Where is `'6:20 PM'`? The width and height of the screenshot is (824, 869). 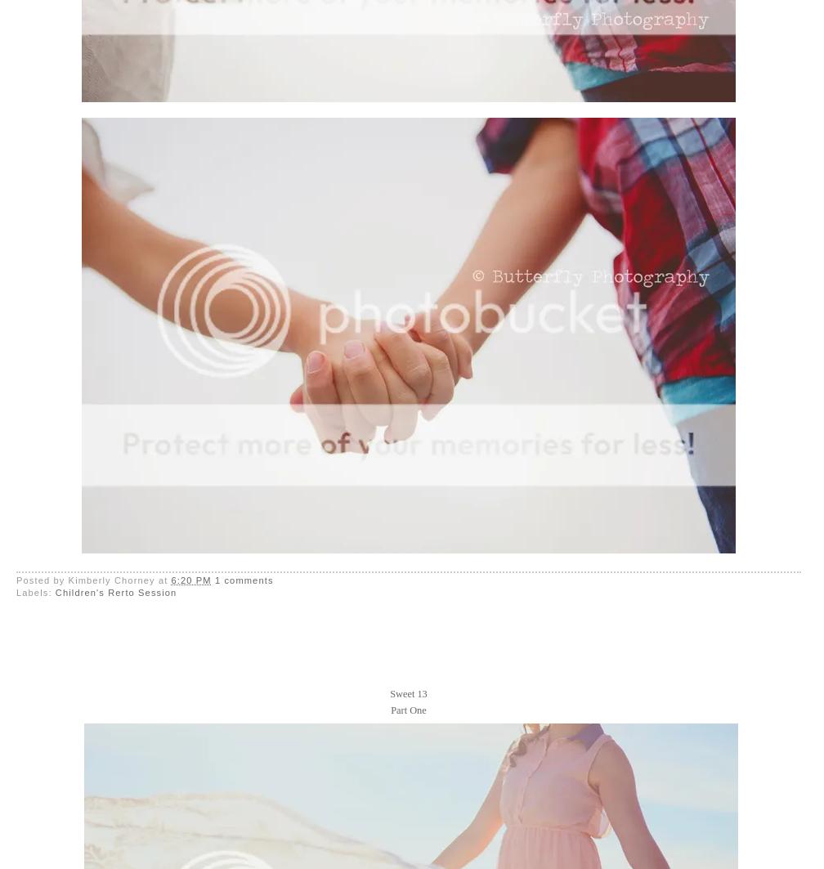 '6:20 PM' is located at coordinates (190, 579).